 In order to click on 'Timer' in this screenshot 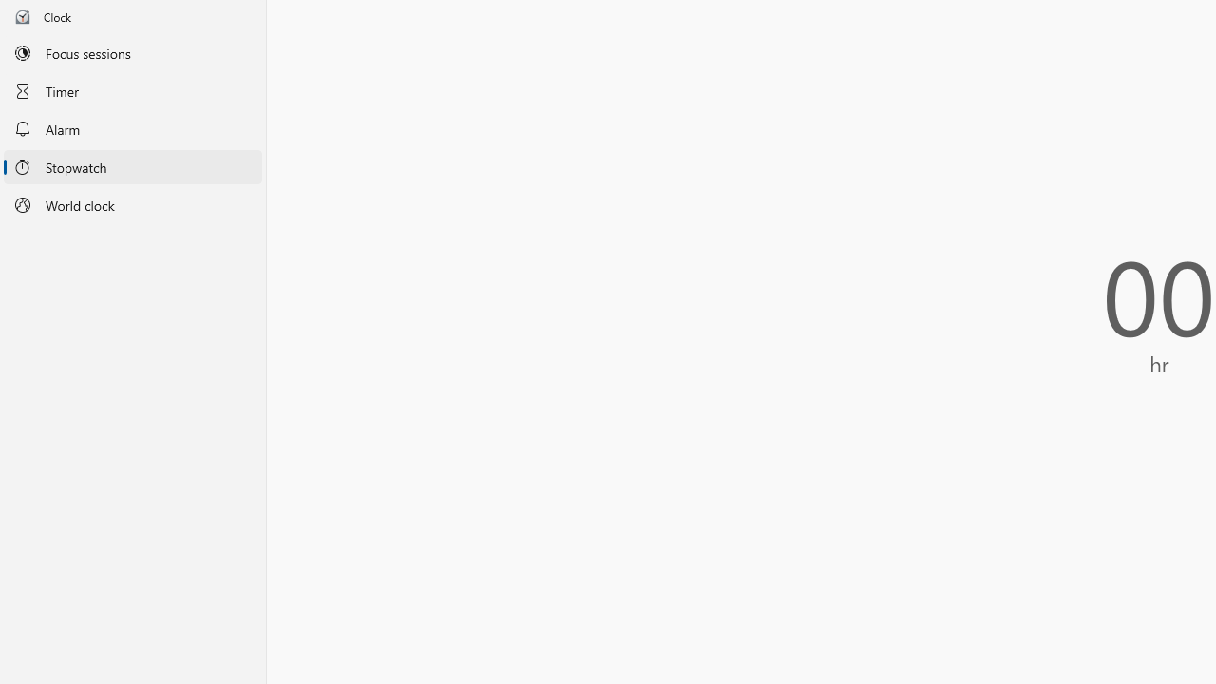, I will do `click(132, 90)`.